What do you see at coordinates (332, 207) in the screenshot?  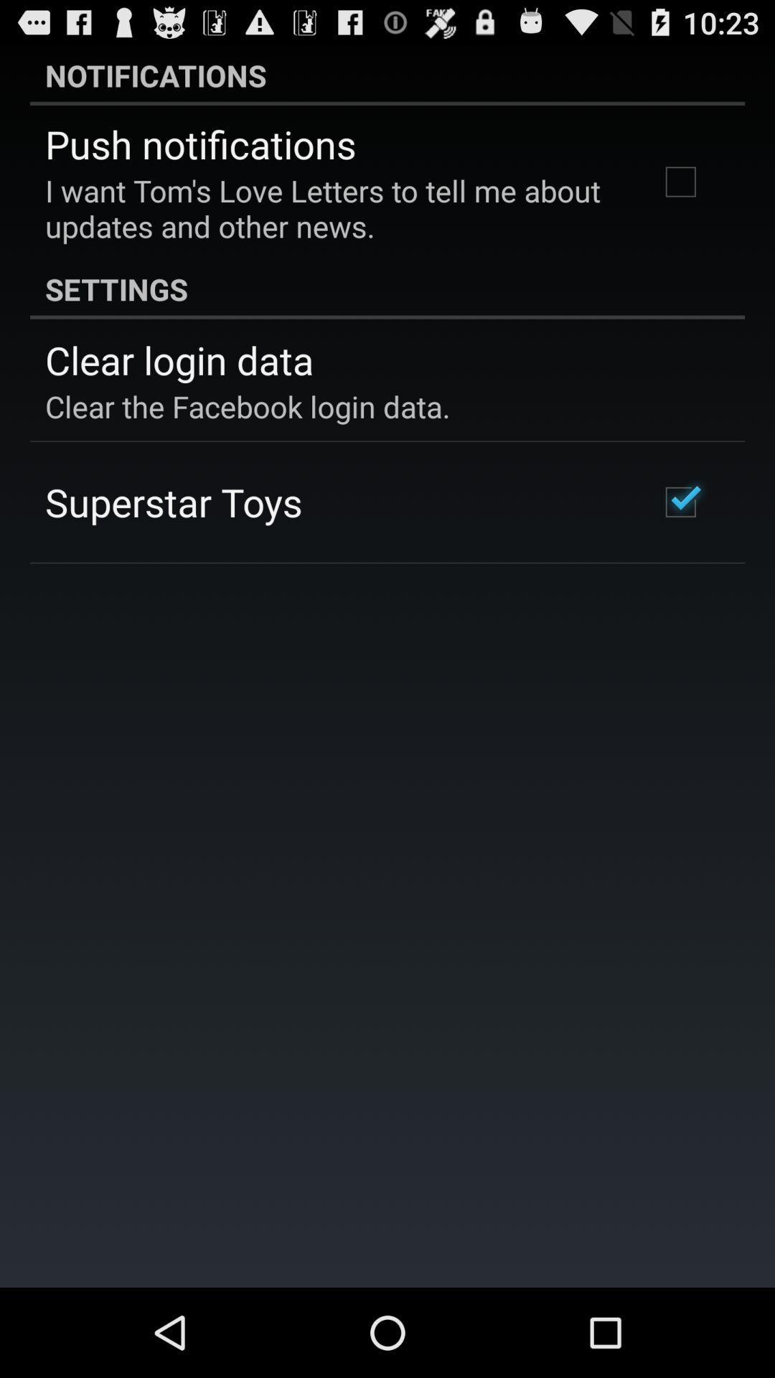 I see `the icon above the settings app` at bounding box center [332, 207].